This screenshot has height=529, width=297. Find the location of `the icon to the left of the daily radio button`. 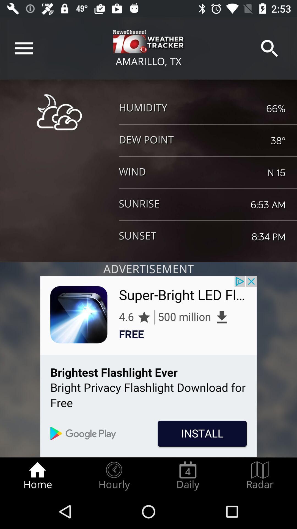

the icon to the left of the daily radio button is located at coordinates (114, 476).